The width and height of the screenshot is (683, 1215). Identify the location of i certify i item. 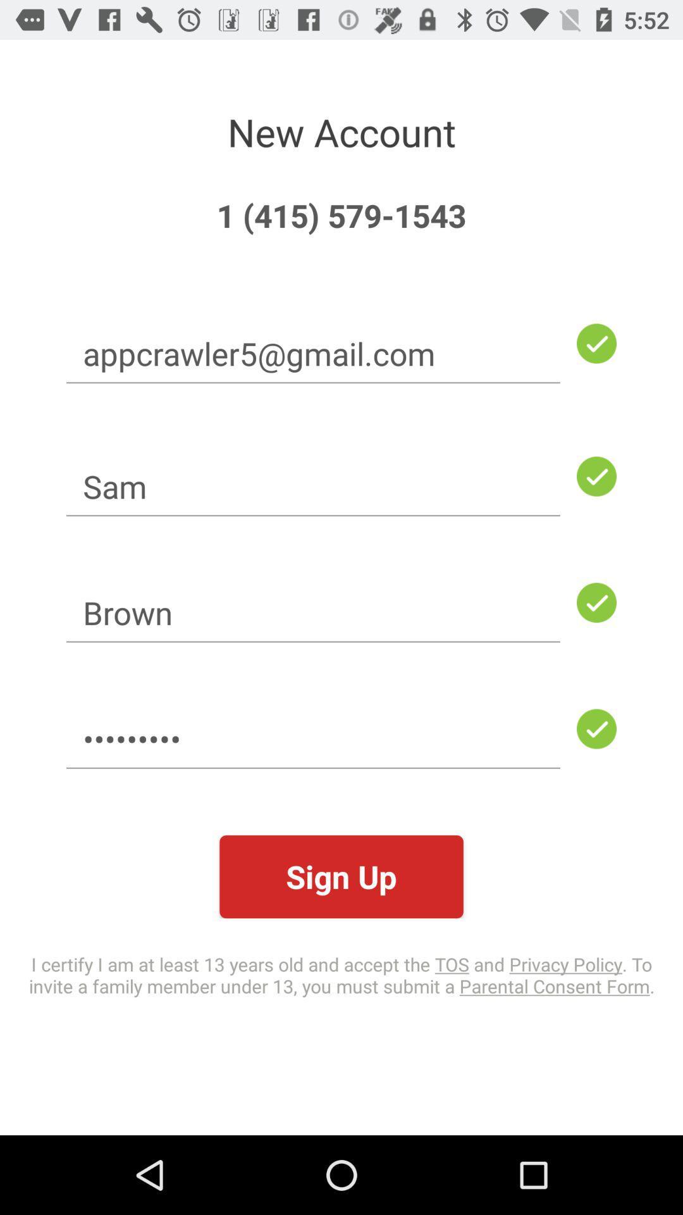
(341, 974).